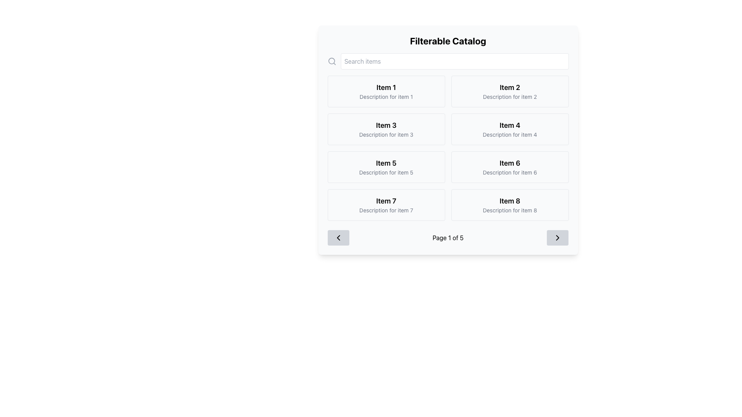 This screenshot has height=417, width=742. I want to click on the navigation icon located in the pagination area at the bottom left corner of the interface, so click(338, 237).